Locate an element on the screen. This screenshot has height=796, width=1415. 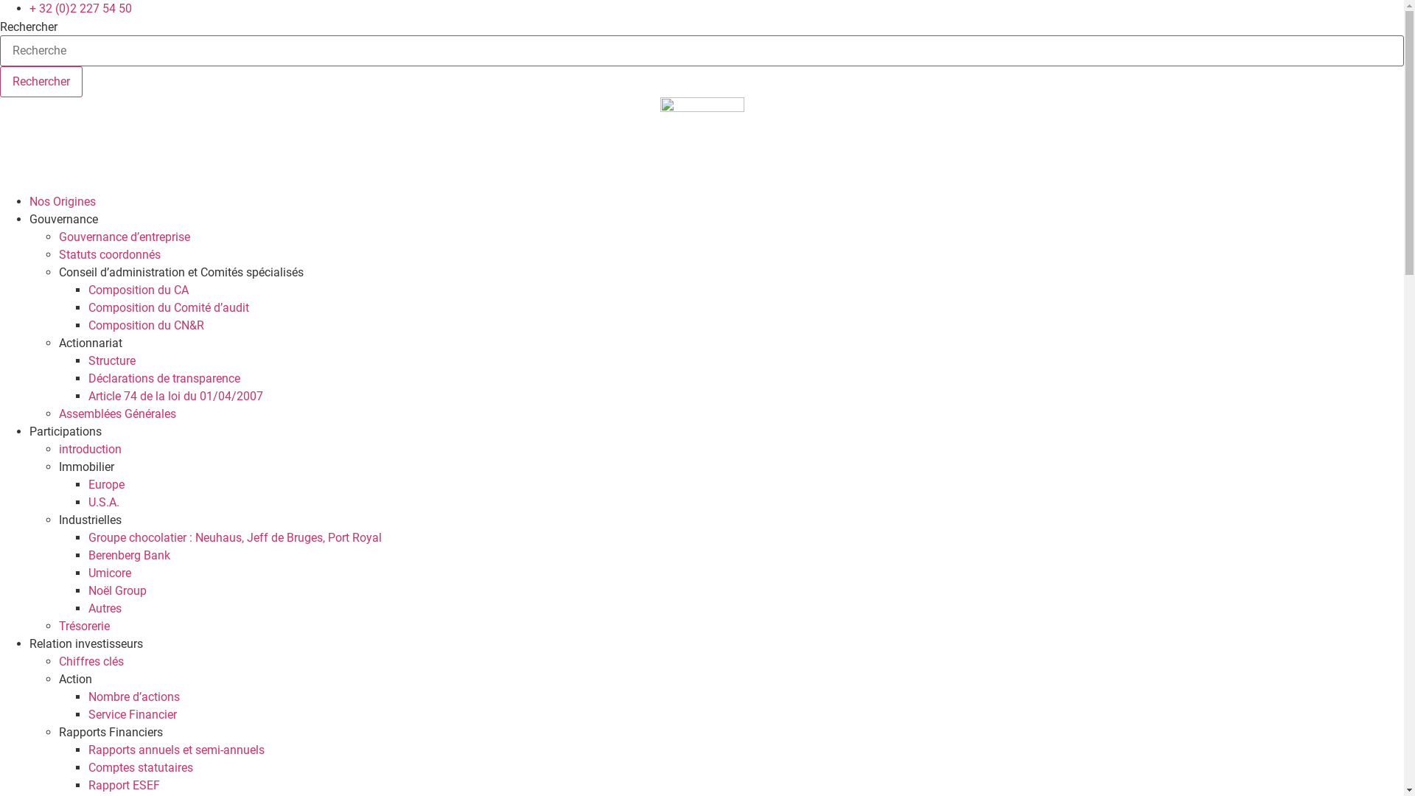
'Nos Origines' is located at coordinates (29, 201).